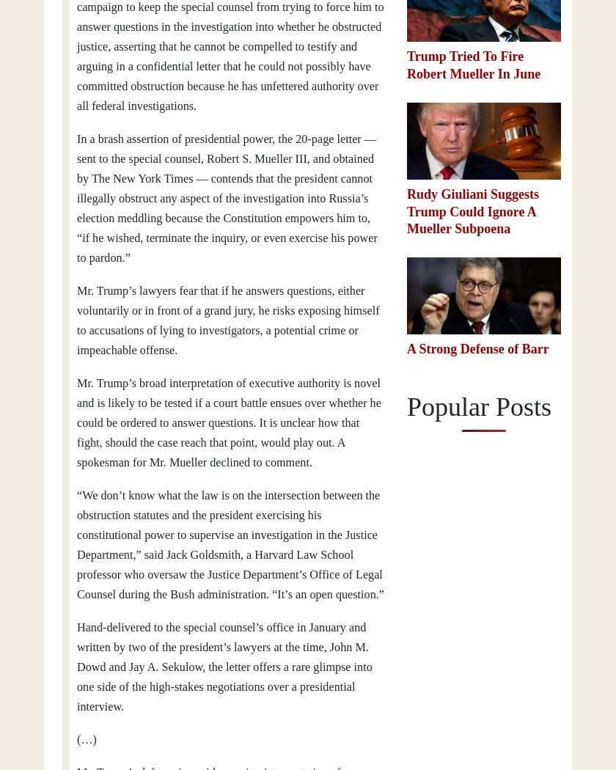 The image size is (616, 770). I want to click on 'Rudy Giuliani Suggests Trump Could Ignore A Mueller Subpoena', so click(473, 210).